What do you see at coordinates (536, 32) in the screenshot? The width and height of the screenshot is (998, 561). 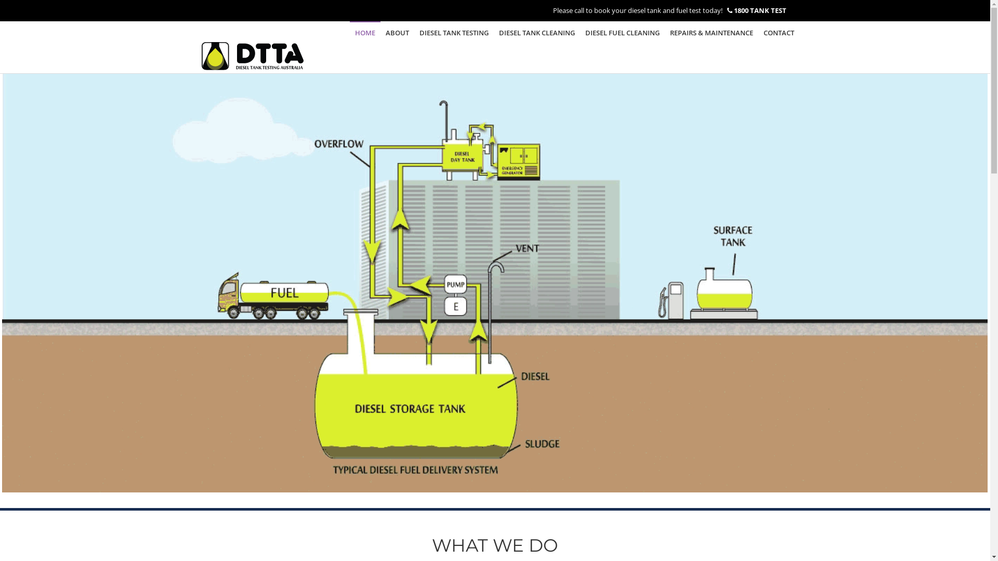 I see `'DIESEL TANK CLEANING'` at bounding box center [536, 32].